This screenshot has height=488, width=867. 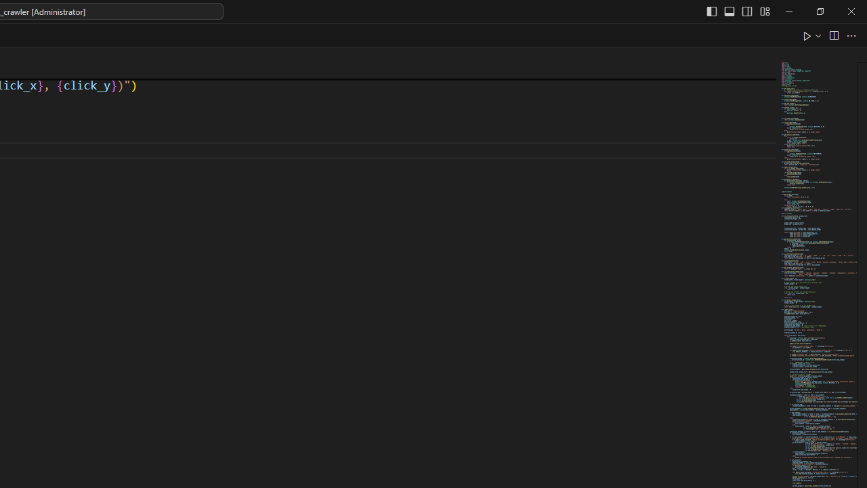 I want to click on 'Run or Debug...', so click(x=818, y=35).